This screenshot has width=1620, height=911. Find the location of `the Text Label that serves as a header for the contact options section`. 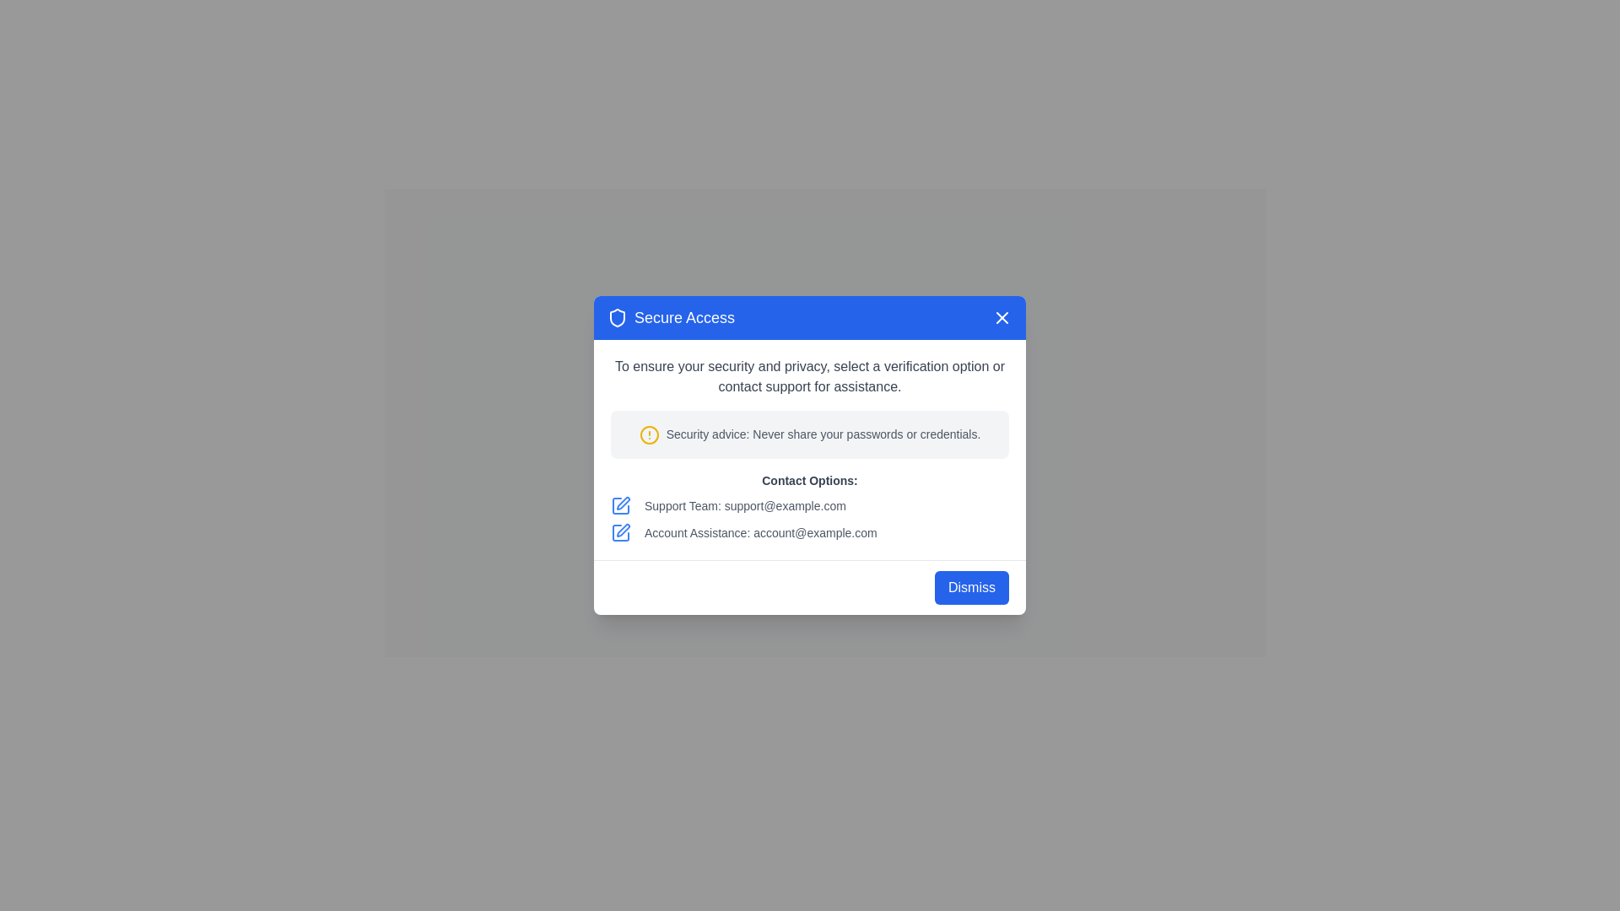

the Text Label that serves as a header for the contact options section is located at coordinates (810, 480).